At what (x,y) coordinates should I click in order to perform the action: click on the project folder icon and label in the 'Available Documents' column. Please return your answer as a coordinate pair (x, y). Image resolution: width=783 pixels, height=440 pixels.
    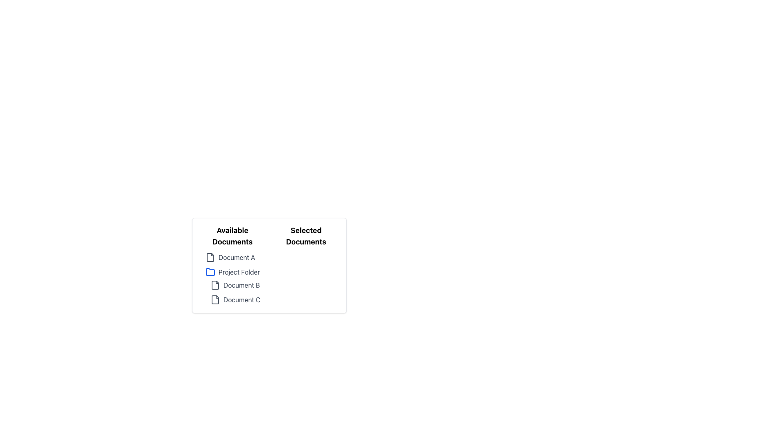
    Looking at the image, I should click on (234, 272).